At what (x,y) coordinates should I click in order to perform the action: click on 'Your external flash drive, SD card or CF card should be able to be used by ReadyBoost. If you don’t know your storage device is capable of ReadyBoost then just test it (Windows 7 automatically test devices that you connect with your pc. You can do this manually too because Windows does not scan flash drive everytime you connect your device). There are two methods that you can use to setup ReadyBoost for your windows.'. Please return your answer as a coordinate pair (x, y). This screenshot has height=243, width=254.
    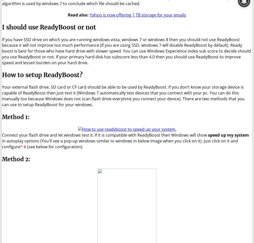
    Looking at the image, I should click on (123, 95).